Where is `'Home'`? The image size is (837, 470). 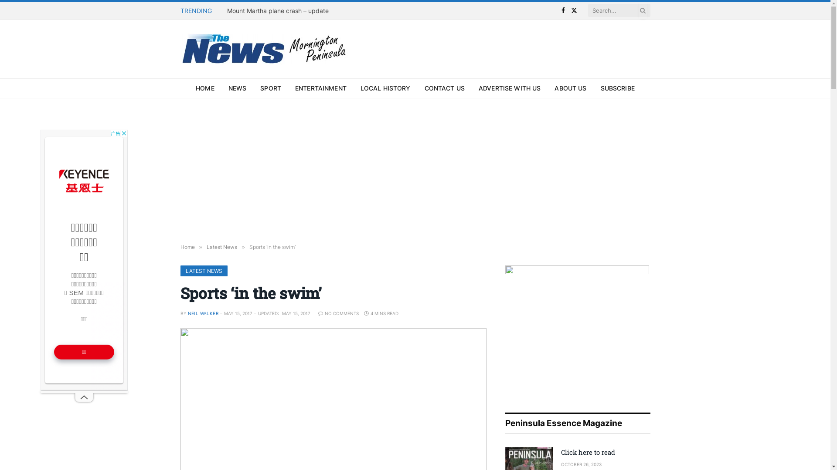 'Home' is located at coordinates (187, 247).